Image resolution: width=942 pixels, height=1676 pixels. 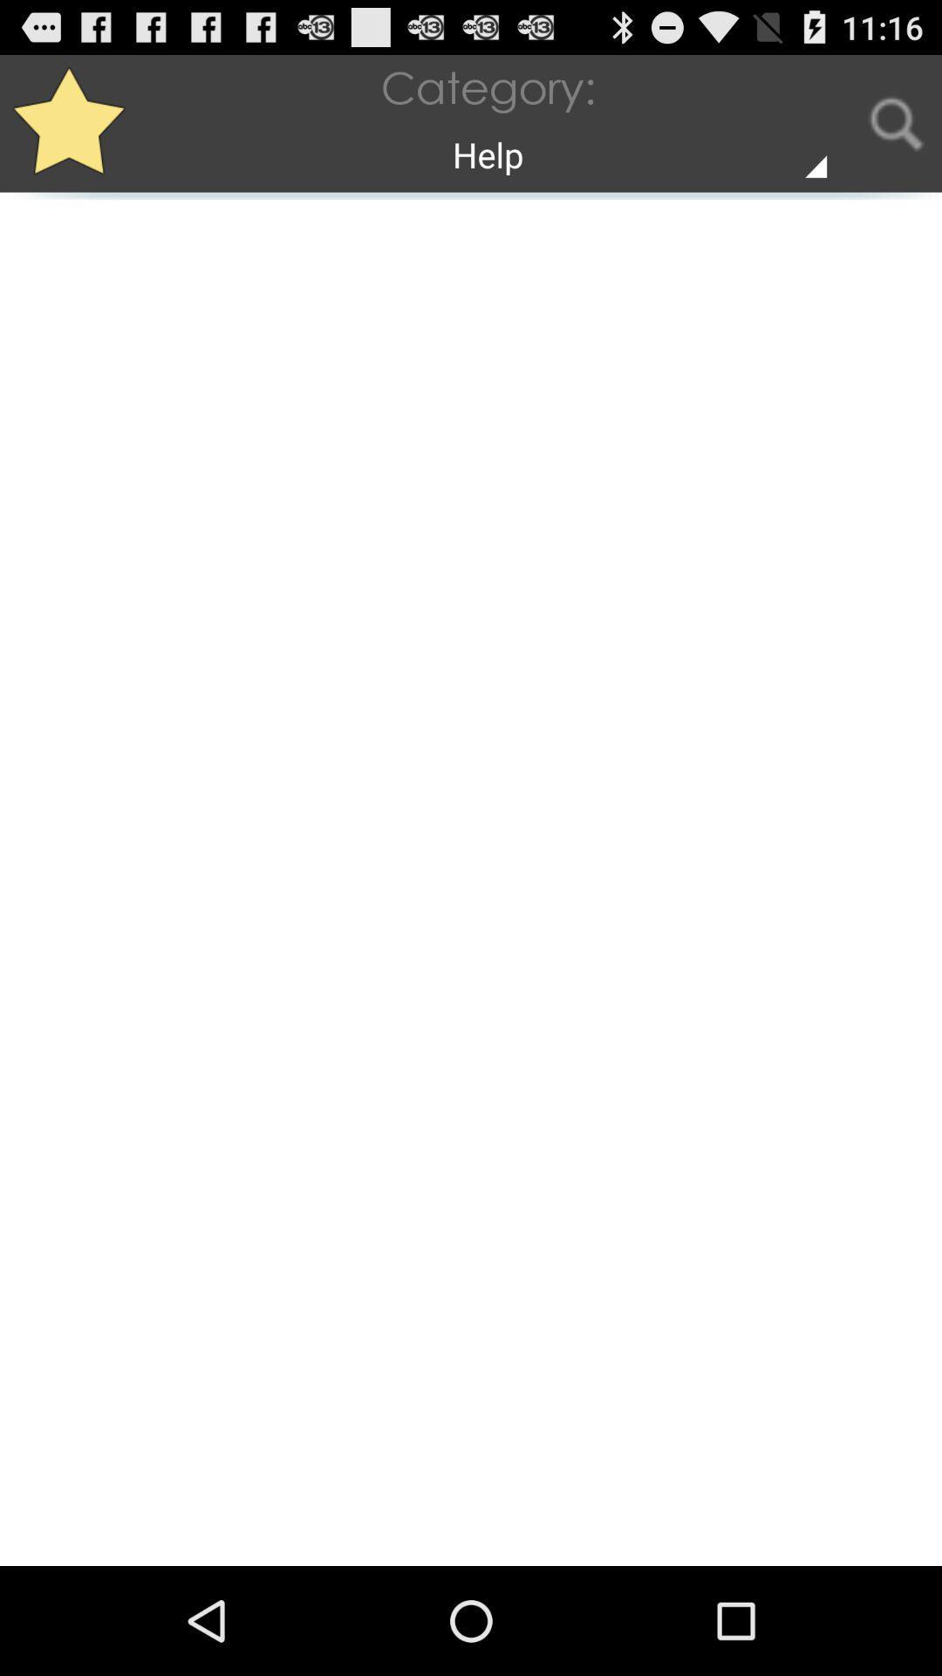 What do you see at coordinates (896, 122) in the screenshot?
I see `search` at bounding box center [896, 122].